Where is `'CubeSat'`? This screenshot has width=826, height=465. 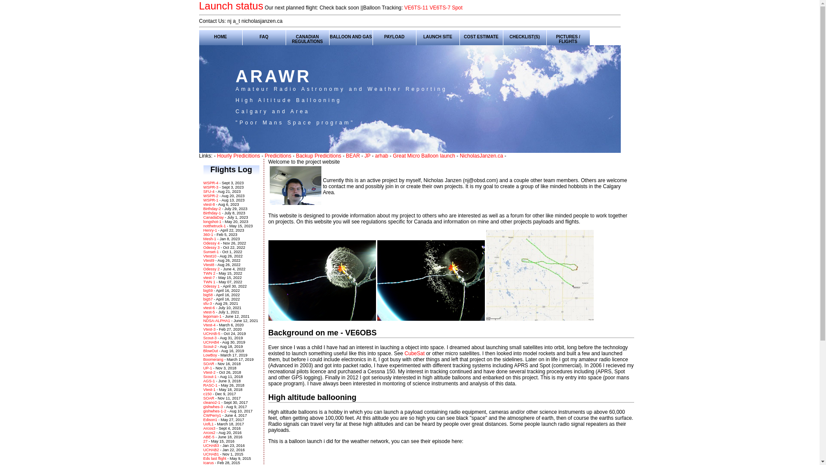
'CubeSat' is located at coordinates (404, 353).